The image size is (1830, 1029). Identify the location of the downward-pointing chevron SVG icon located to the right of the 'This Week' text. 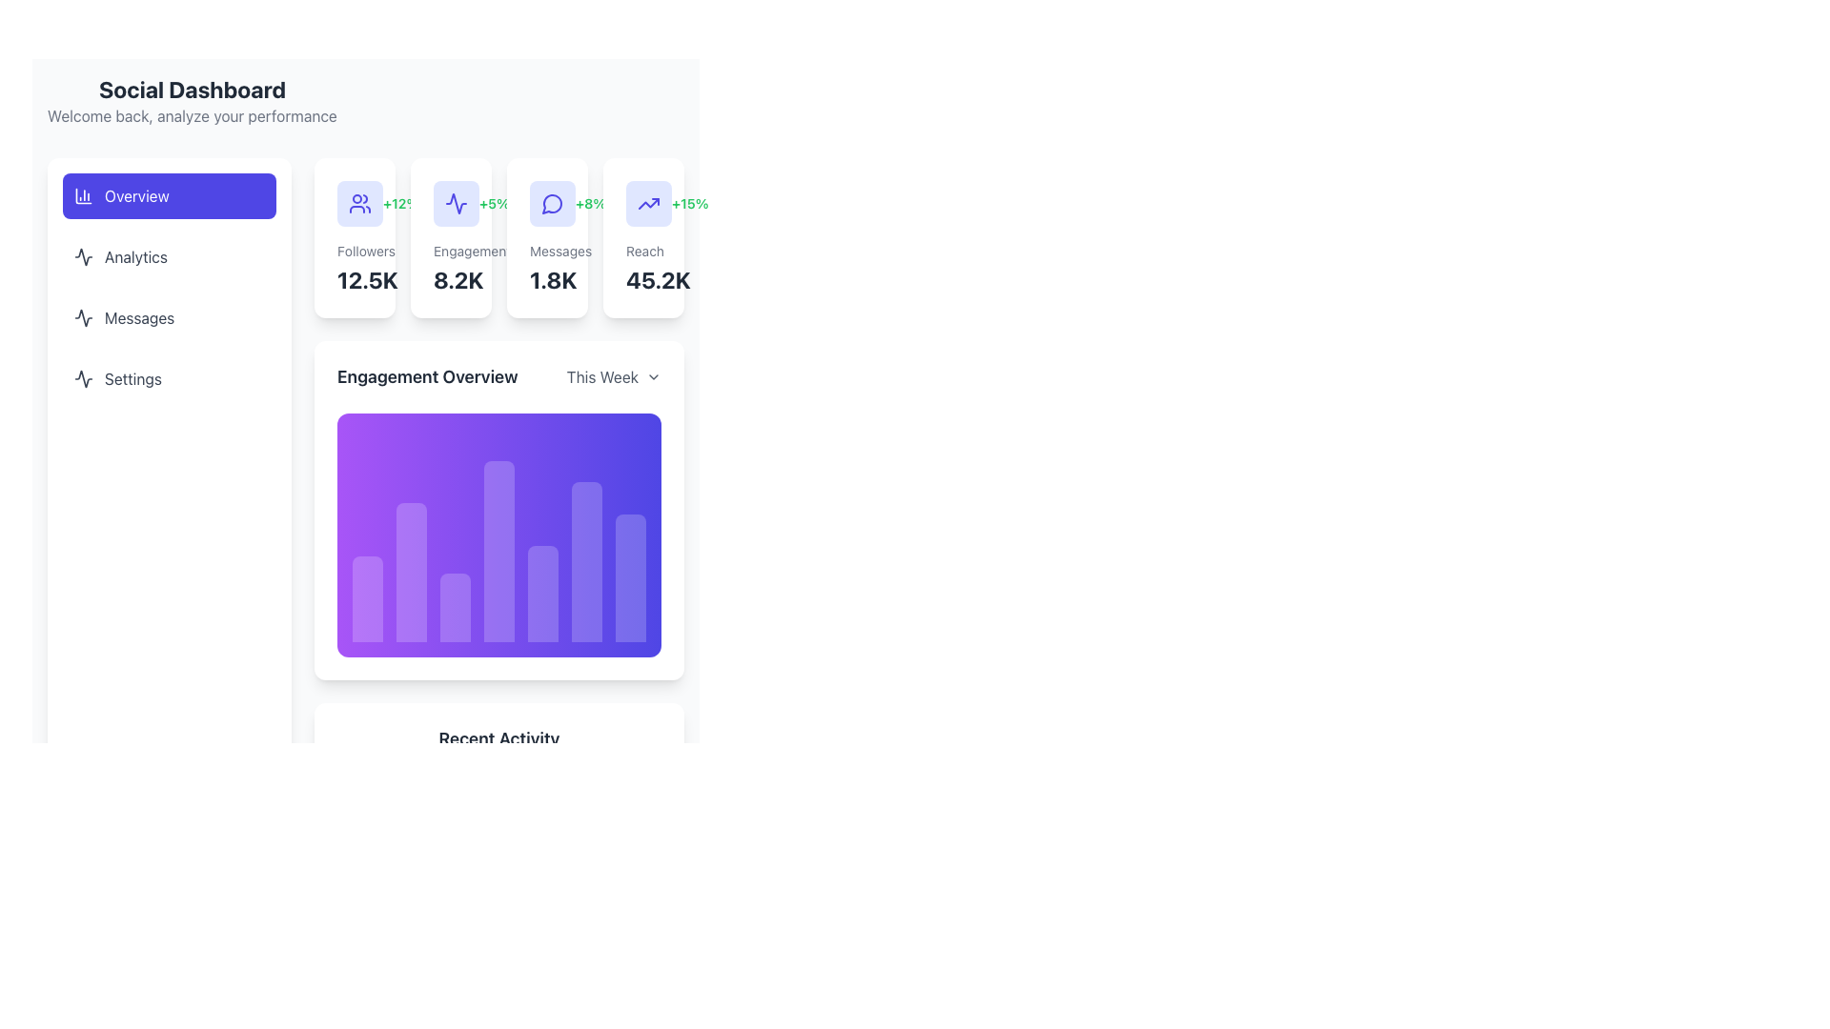
(654, 377).